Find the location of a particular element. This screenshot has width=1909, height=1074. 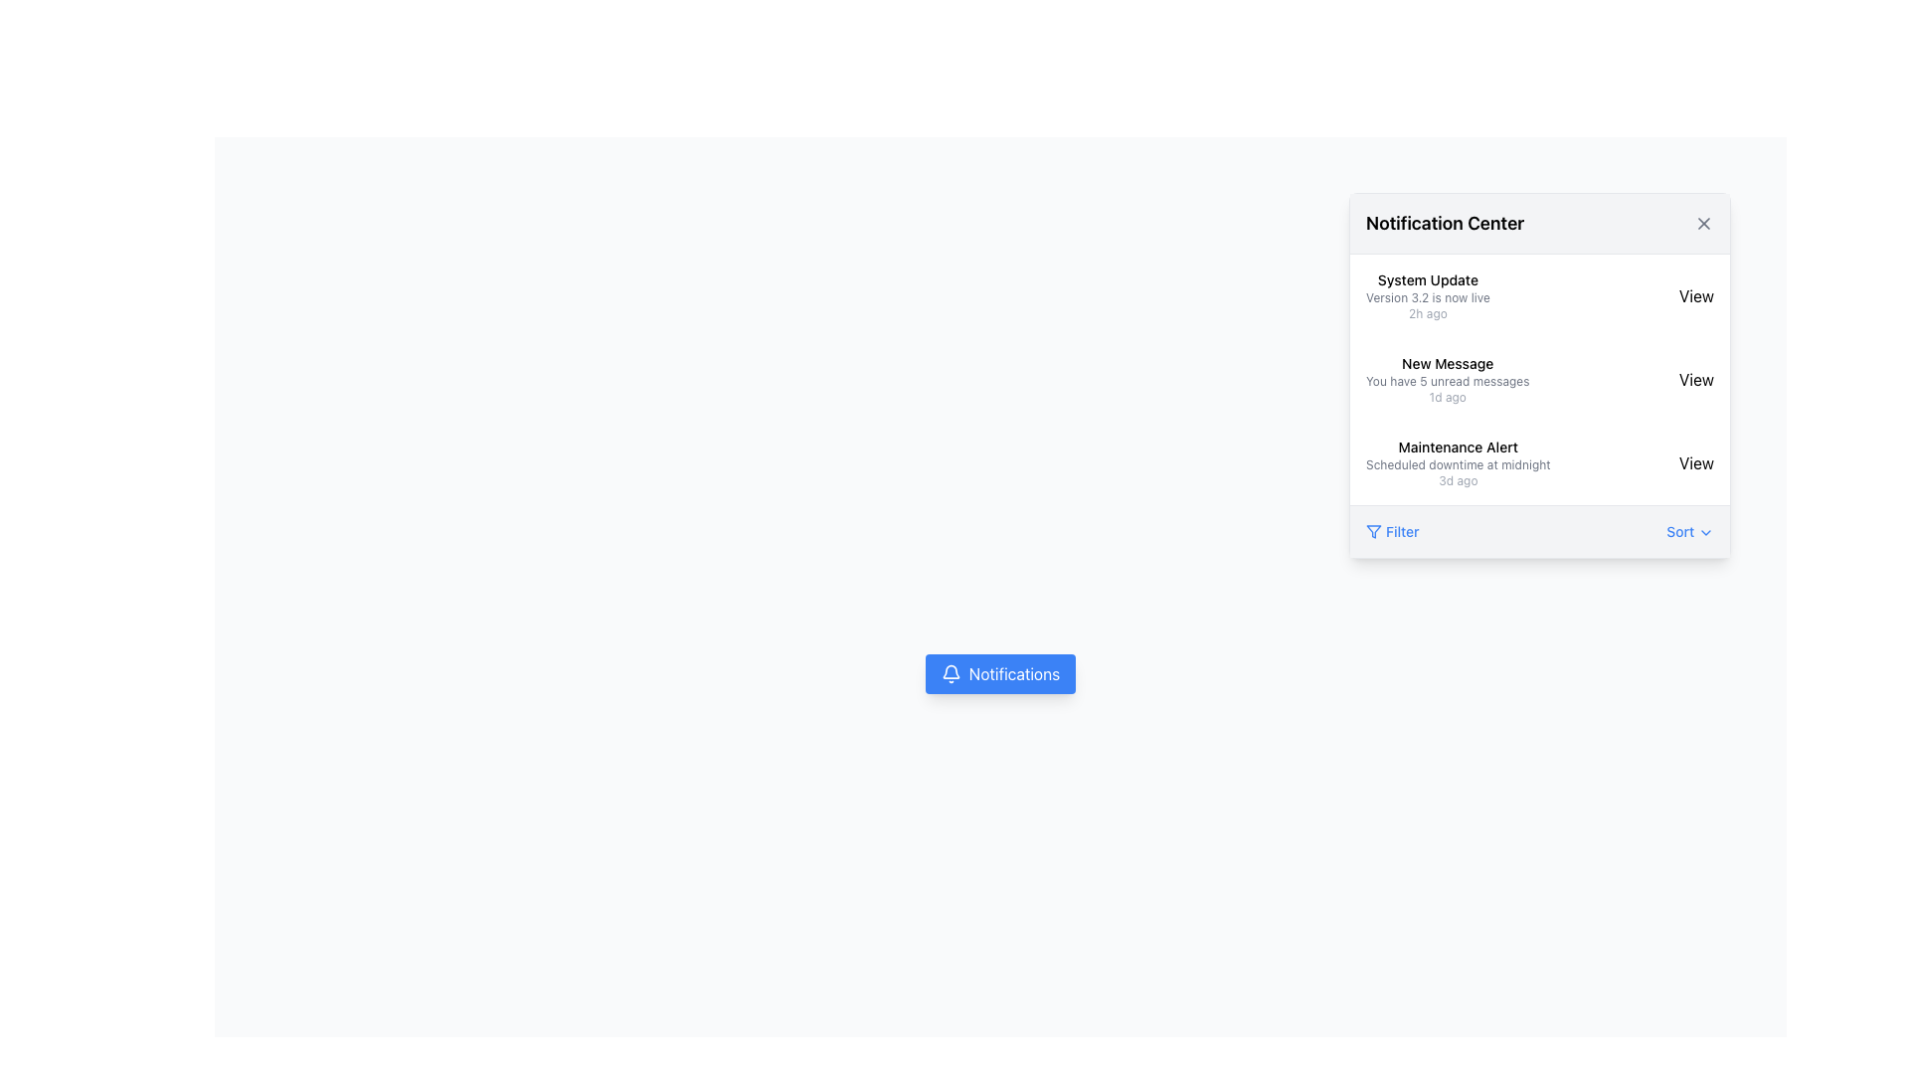

the composite element containing the 'Filter' and 'Sort' buttons at the bottom of the notification panel using keyboard focus is located at coordinates (1539, 529).